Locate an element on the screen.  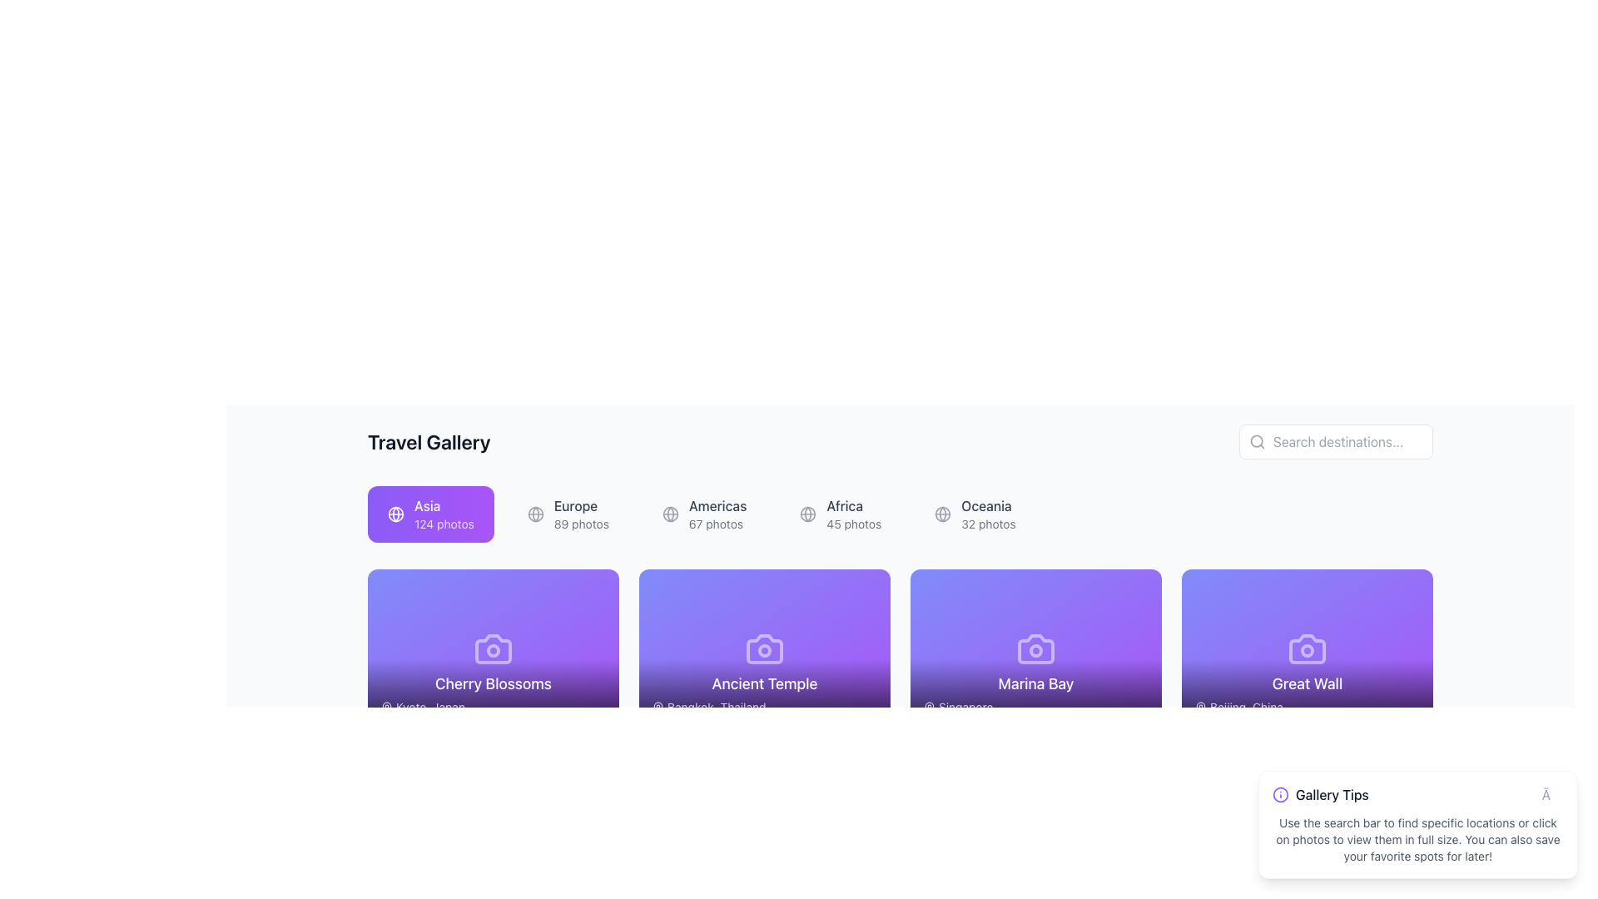
the location pin icon associated with 'Kyoto, Japan' under 'Cherry Blossoms' is located at coordinates (386, 706).